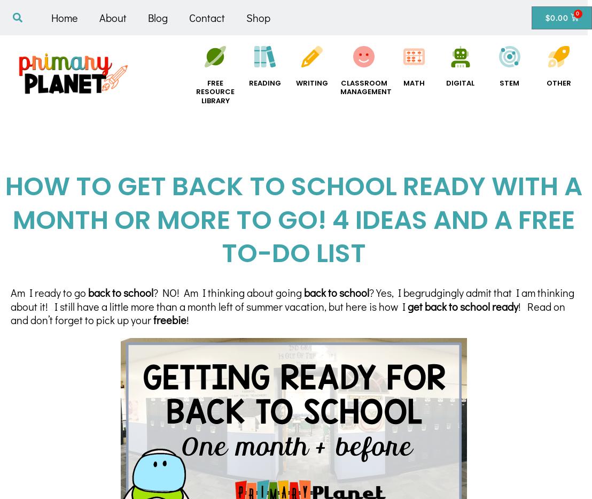 The height and width of the screenshot is (499, 592). I want to click on 'Digital', so click(446, 82).